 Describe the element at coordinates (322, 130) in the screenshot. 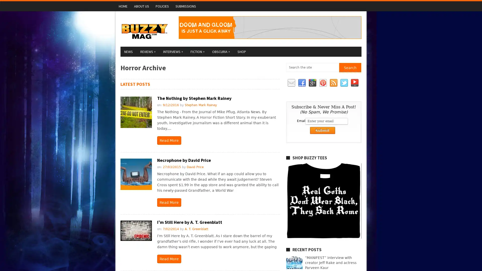

I see `Submit` at that location.